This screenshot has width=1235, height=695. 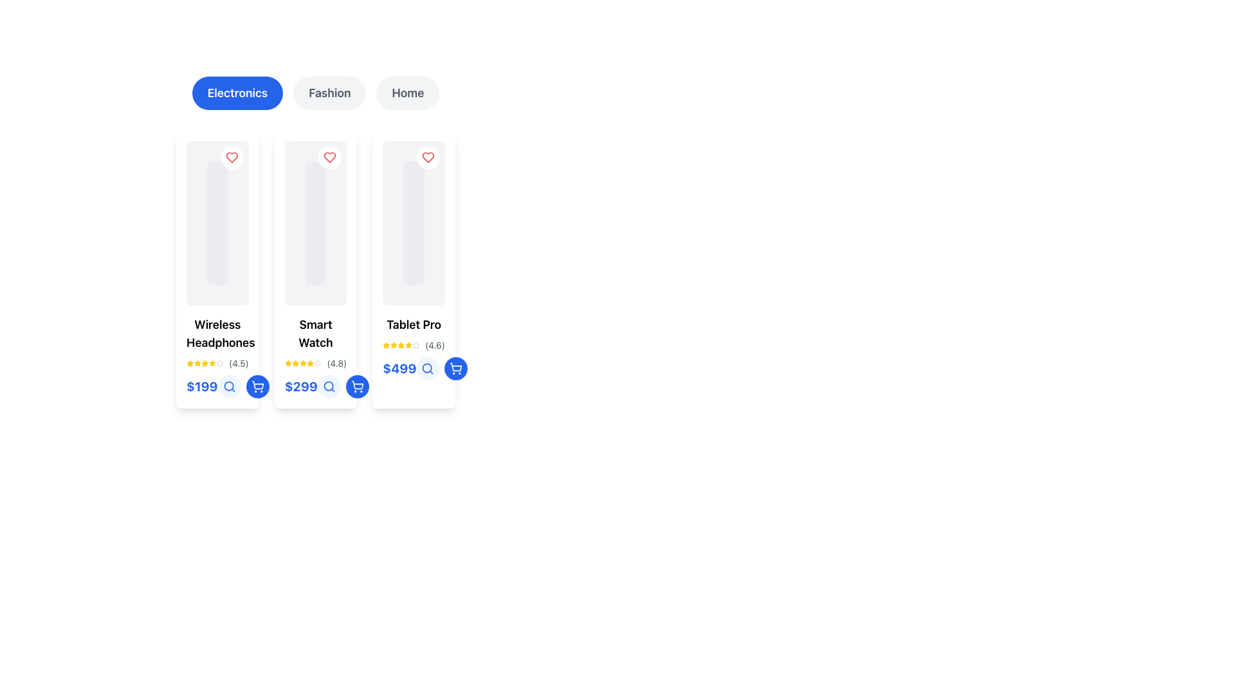 I want to click on the visual appearance of the Rating Star Icon in the 'Tablet Pro' product card, which indicates the rating level in the star ratings system, so click(x=295, y=363).